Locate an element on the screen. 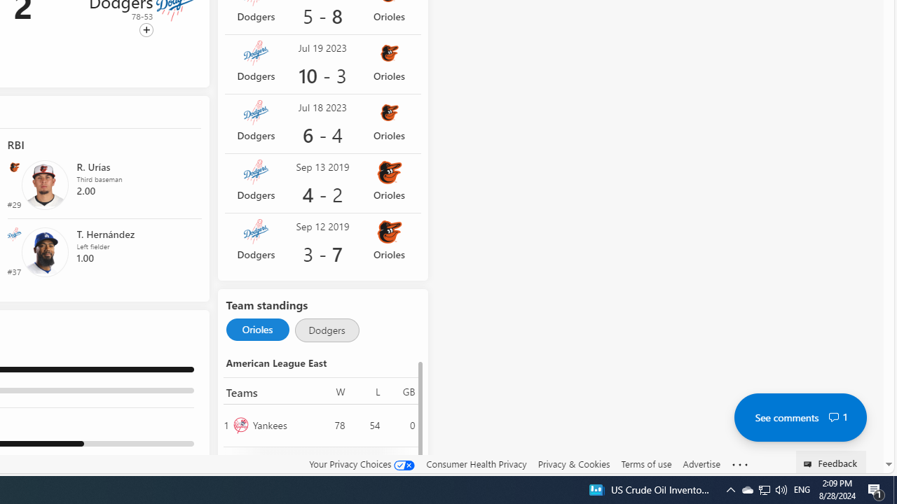  'Your Privacy Choices' is located at coordinates (362, 463).